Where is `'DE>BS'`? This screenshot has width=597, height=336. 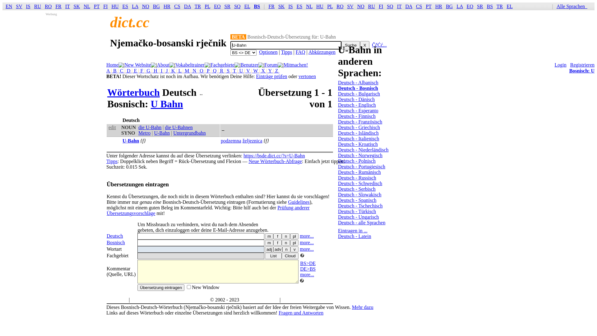 'DE>BS' is located at coordinates (308, 268).